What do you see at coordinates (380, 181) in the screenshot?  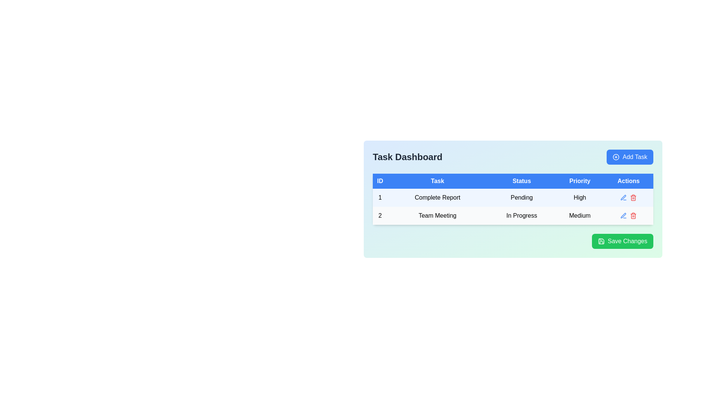 I see `the 'ID' column header, which is the first column header in the row containing 'ID', 'Task', 'Status', 'Priority', and 'Actions'` at bounding box center [380, 181].